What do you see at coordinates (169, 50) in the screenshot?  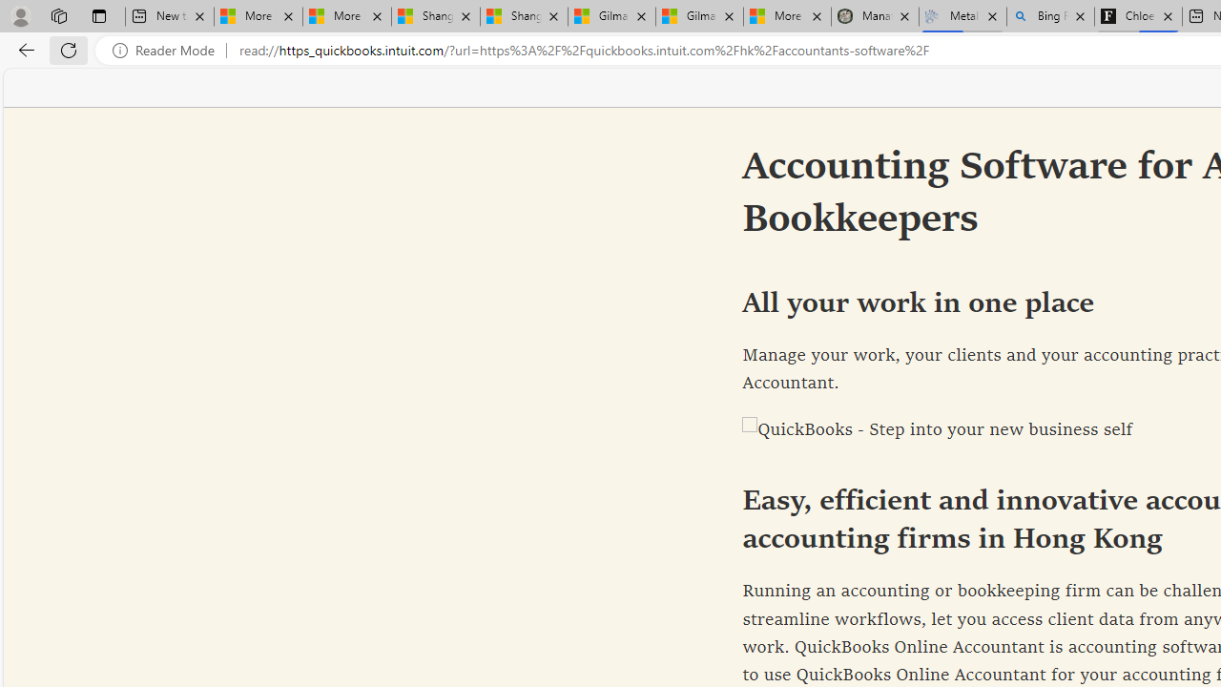 I see `'Reader Mode'` at bounding box center [169, 50].